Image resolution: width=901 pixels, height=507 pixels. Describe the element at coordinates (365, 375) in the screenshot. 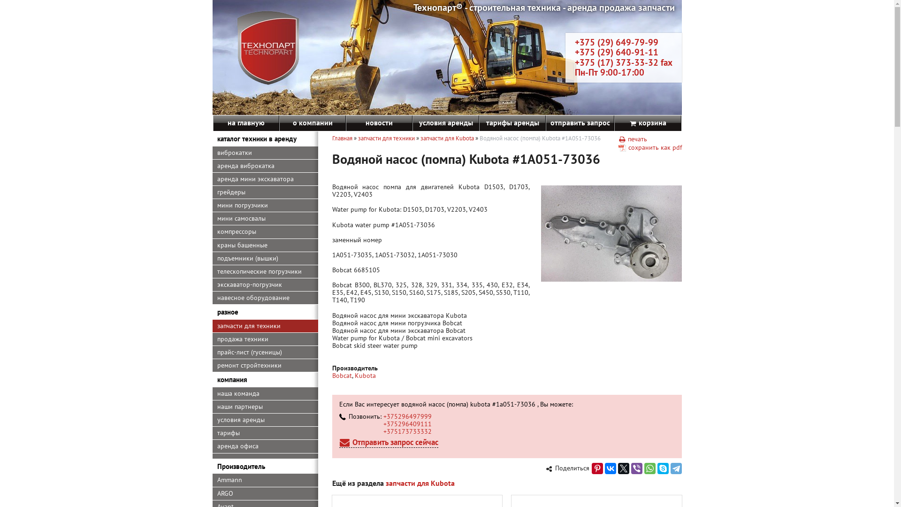

I see `'Kubota'` at that location.